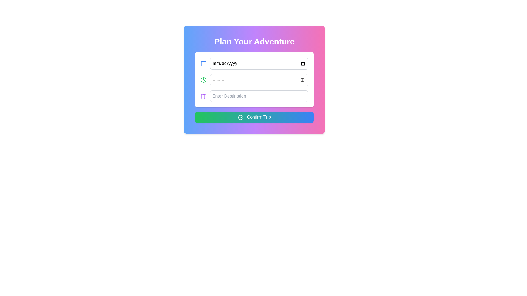 The height and width of the screenshot is (296, 527). What do you see at coordinates (203, 63) in the screenshot?
I see `the calendar icon located at the top-left corner of the date input field, which serves as a visual indicator for date selection` at bounding box center [203, 63].